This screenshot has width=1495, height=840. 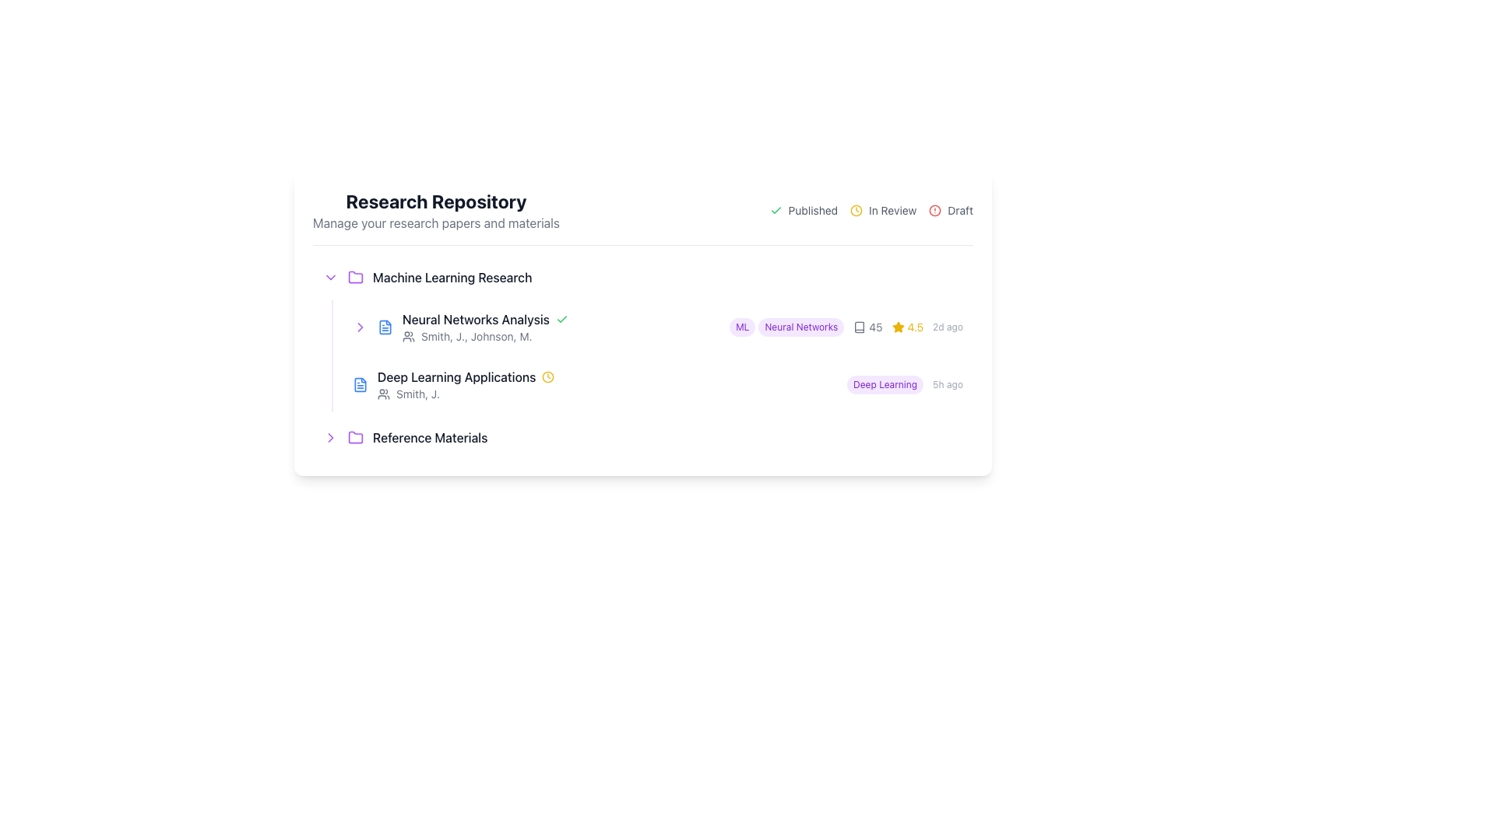 What do you see at coordinates (947, 326) in the screenshot?
I see `the Text Label that shows the relative date, located at the far right of a horizontal row containing tags, ratings, and counts` at bounding box center [947, 326].